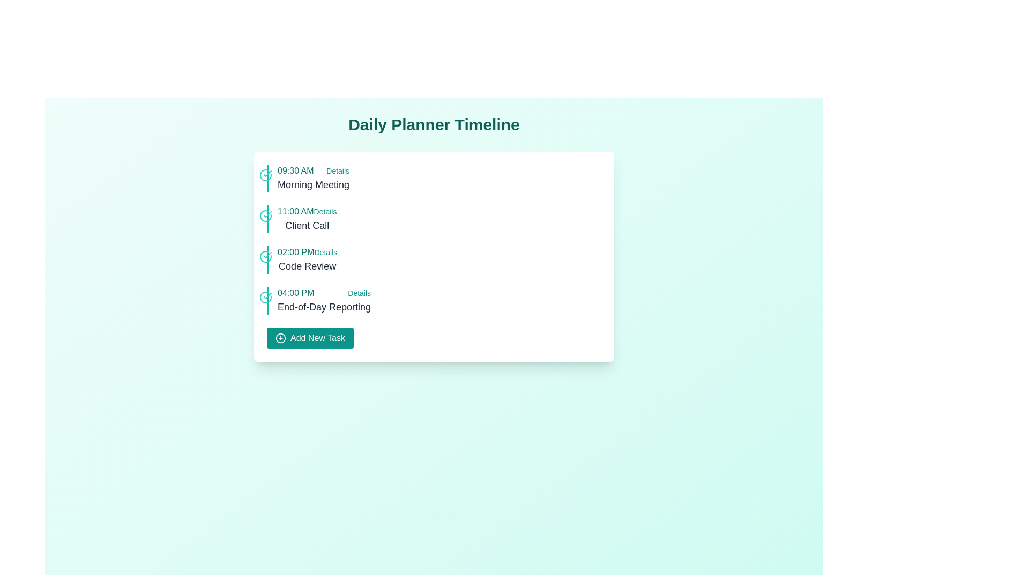 The image size is (1029, 579). I want to click on the text element that provides information about the 'Morning Meeting' event scheduled at 09:30 AM in the planner timeline, so click(313, 184).